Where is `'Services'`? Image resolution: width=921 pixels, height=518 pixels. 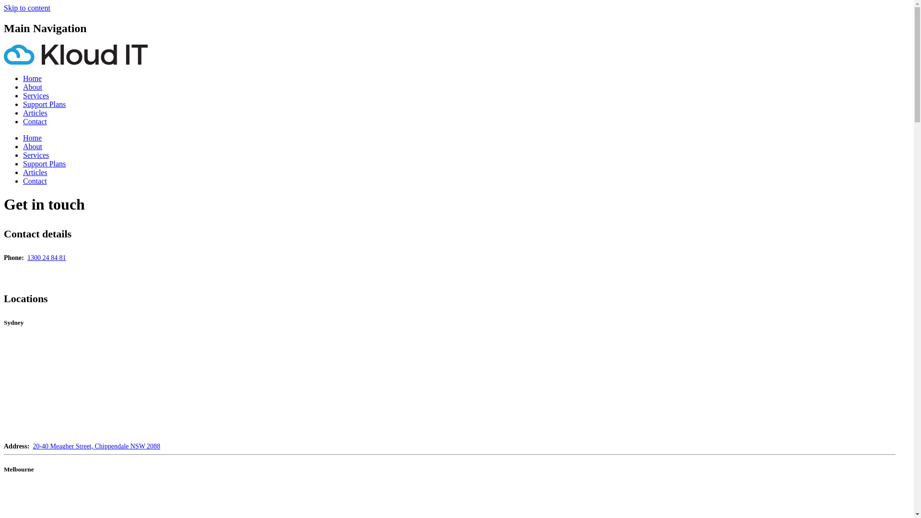 'Services' is located at coordinates (36, 154).